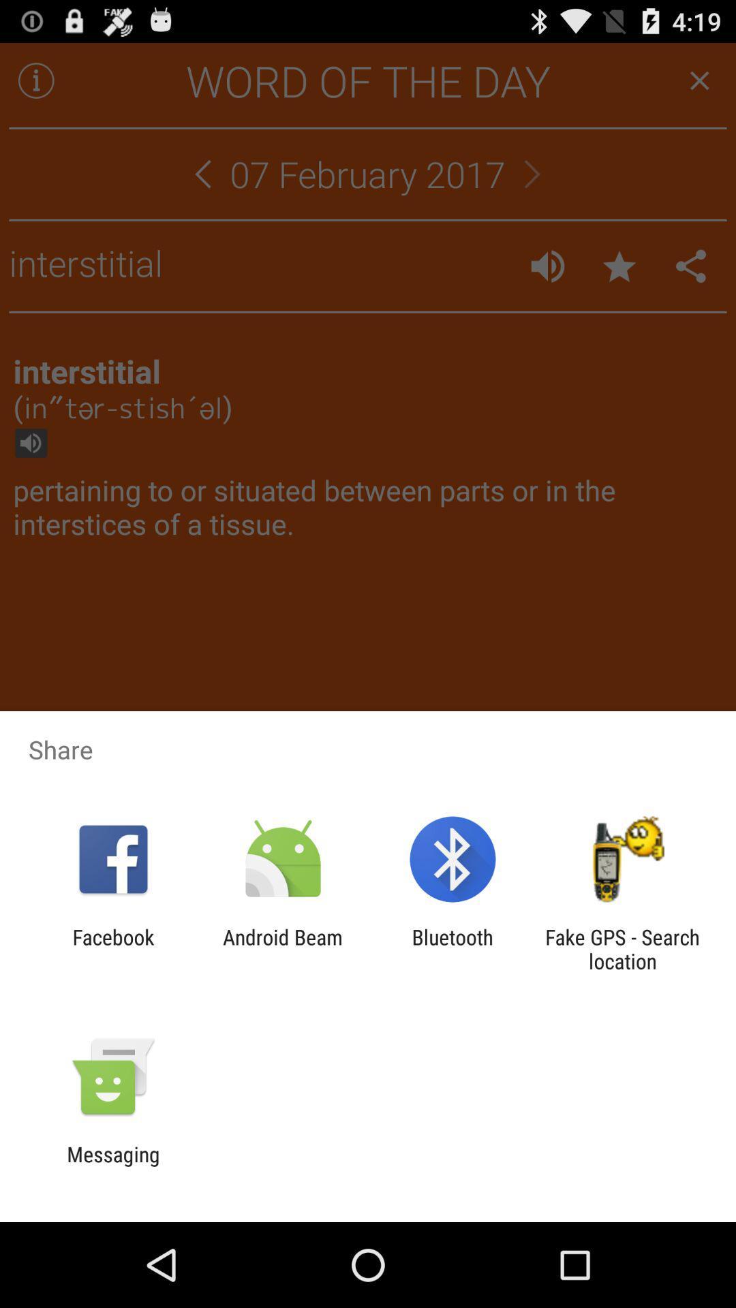 The height and width of the screenshot is (1308, 736). What do you see at coordinates (282, 948) in the screenshot?
I see `the app to the right of the facebook icon` at bounding box center [282, 948].